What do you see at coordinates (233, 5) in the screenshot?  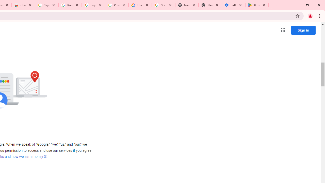 I see `'Settings - System'` at bounding box center [233, 5].